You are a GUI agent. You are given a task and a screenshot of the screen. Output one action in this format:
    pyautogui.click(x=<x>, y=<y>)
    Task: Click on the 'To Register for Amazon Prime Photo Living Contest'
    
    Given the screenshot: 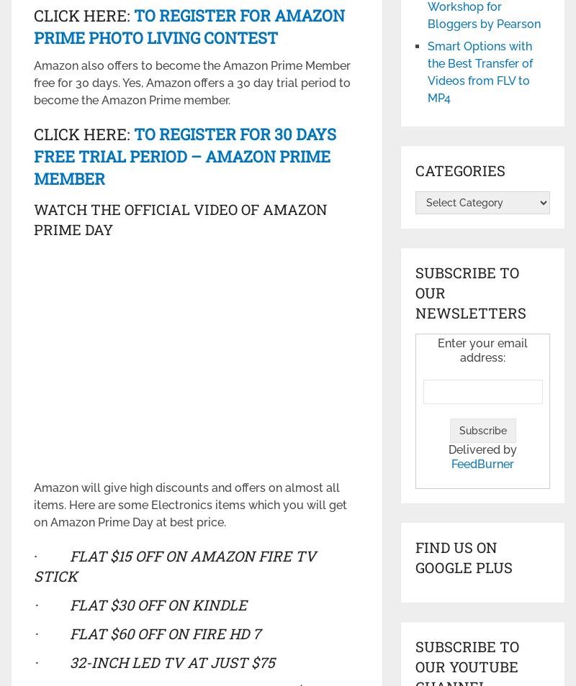 What is the action you would take?
    pyautogui.click(x=188, y=24)
    